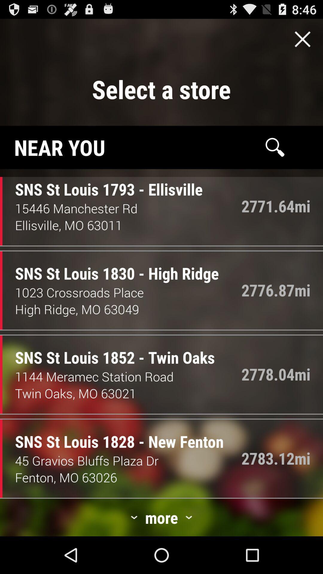  I want to click on the search icon, so click(275, 158).